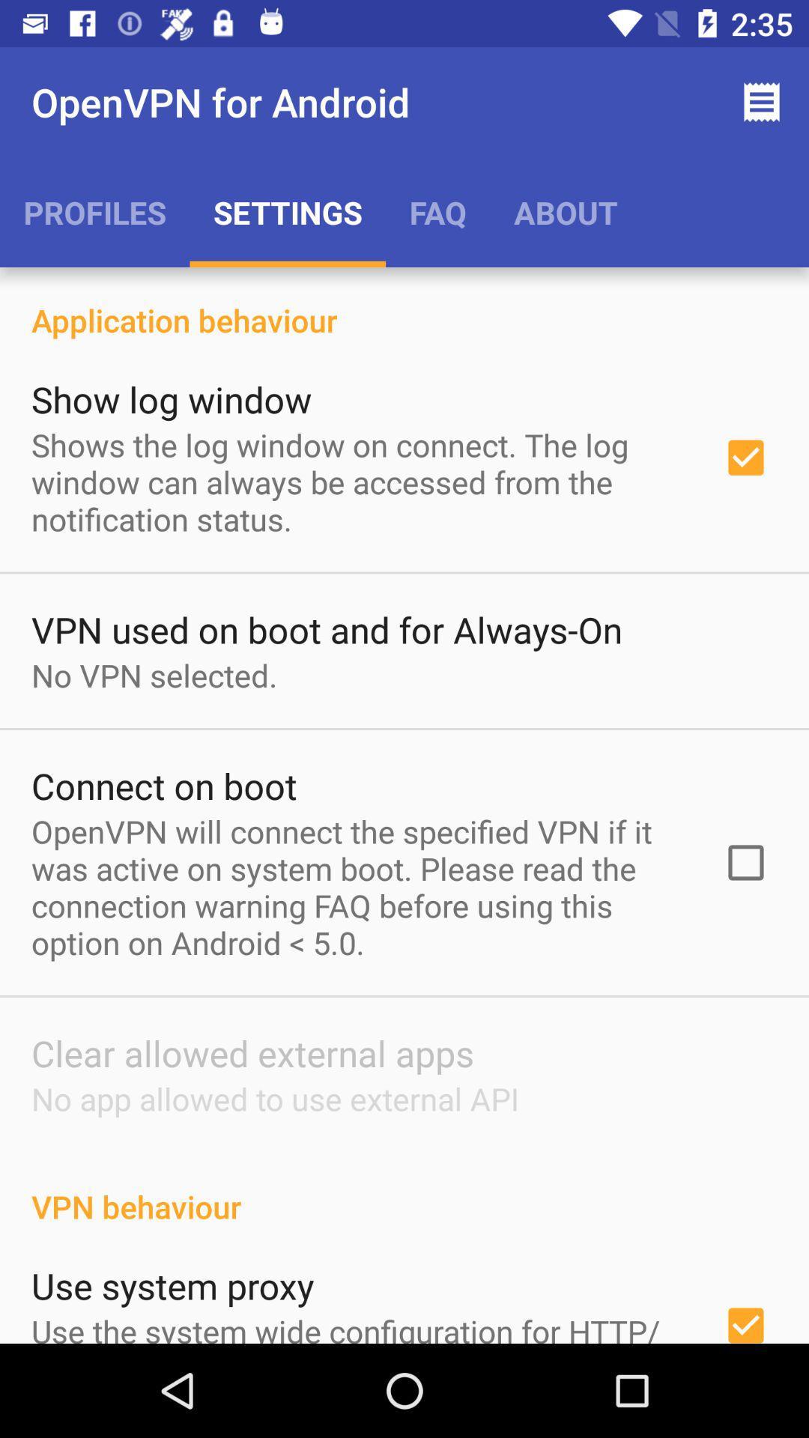  I want to click on the about item, so click(566, 211).